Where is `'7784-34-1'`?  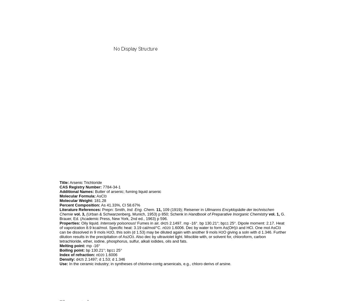
'7784-34-1' is located at coordinates (101, 187).